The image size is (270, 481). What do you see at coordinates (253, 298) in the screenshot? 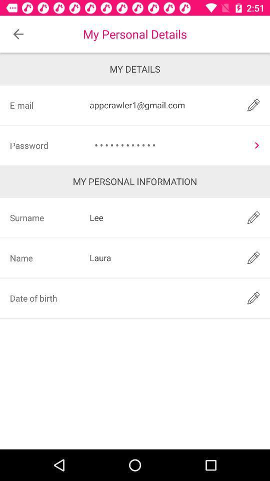
I see `edit date of birth` at bounding box center [253, 298].